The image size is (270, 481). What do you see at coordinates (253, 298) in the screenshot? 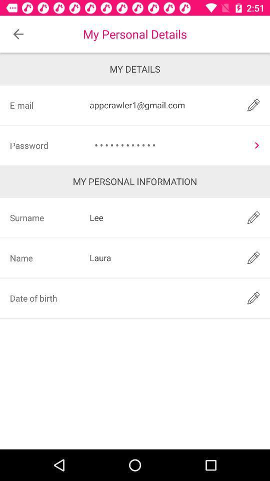
I see `edit date of birth` at bounding box center [253, 298].